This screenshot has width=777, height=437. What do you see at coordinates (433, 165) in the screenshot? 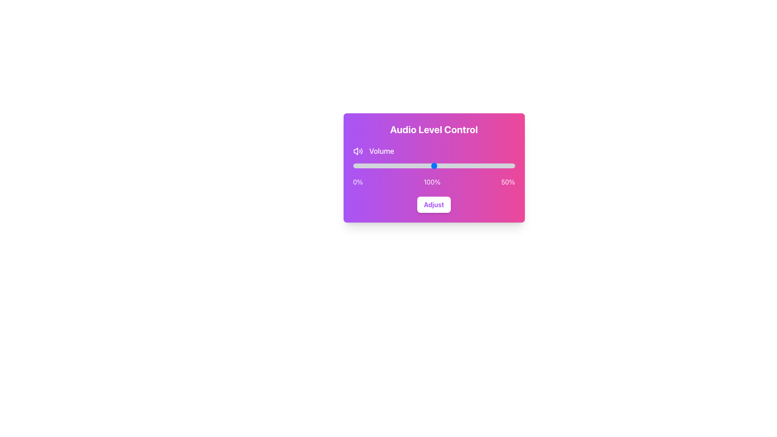
I see `the knob of the horizontal slider, which represents a value of 50%` at bounding box center [433, 165].